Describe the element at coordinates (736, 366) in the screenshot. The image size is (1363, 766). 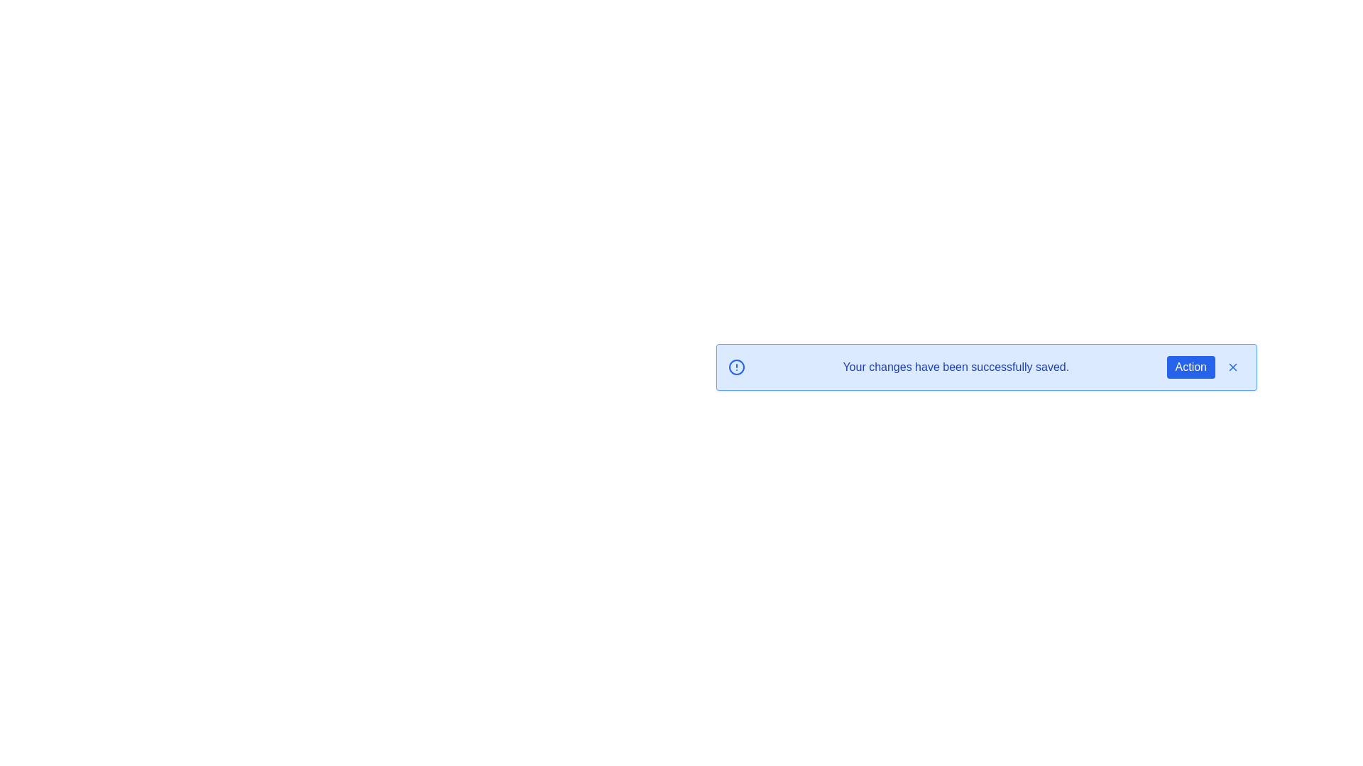
I see `the alert type icon to interact with it` at that location.